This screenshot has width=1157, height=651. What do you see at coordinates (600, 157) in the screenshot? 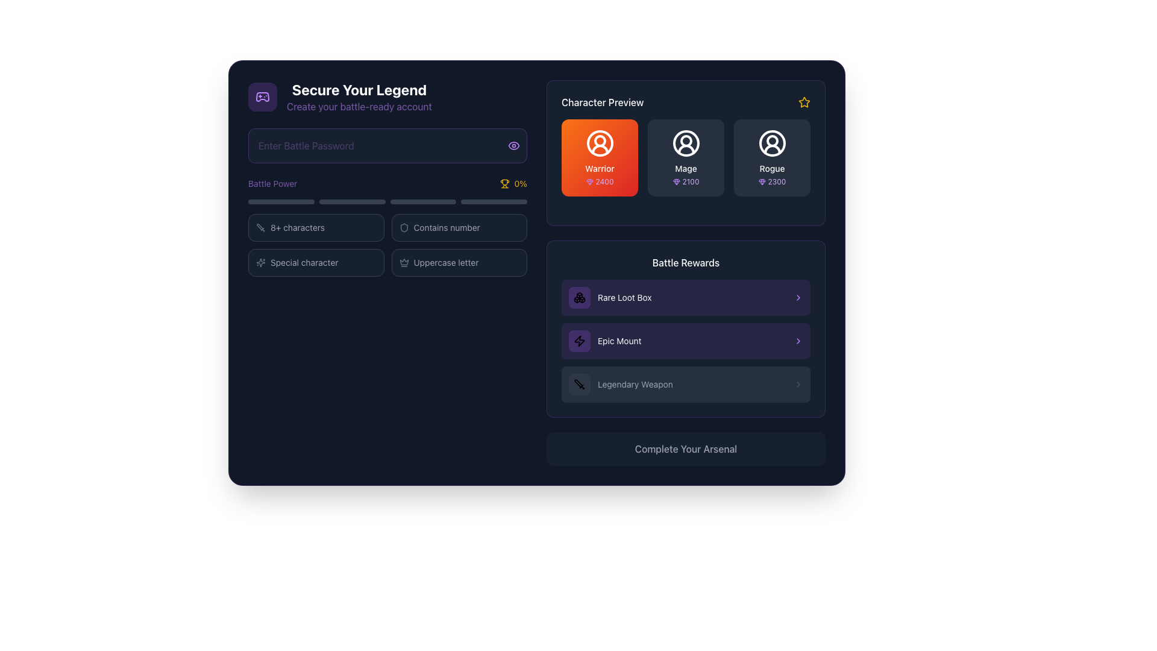
I see `the 'Warrior' character option card` at bounding box center [600, 157].